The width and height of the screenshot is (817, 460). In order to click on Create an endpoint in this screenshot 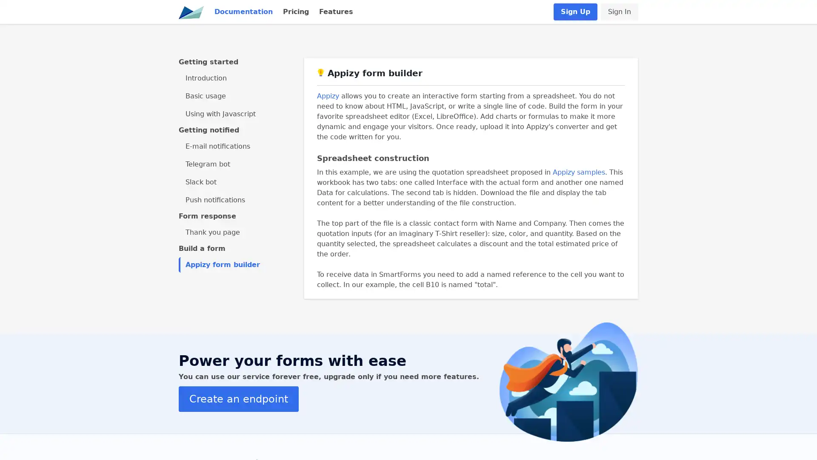, I will do `click(238, 399)`.